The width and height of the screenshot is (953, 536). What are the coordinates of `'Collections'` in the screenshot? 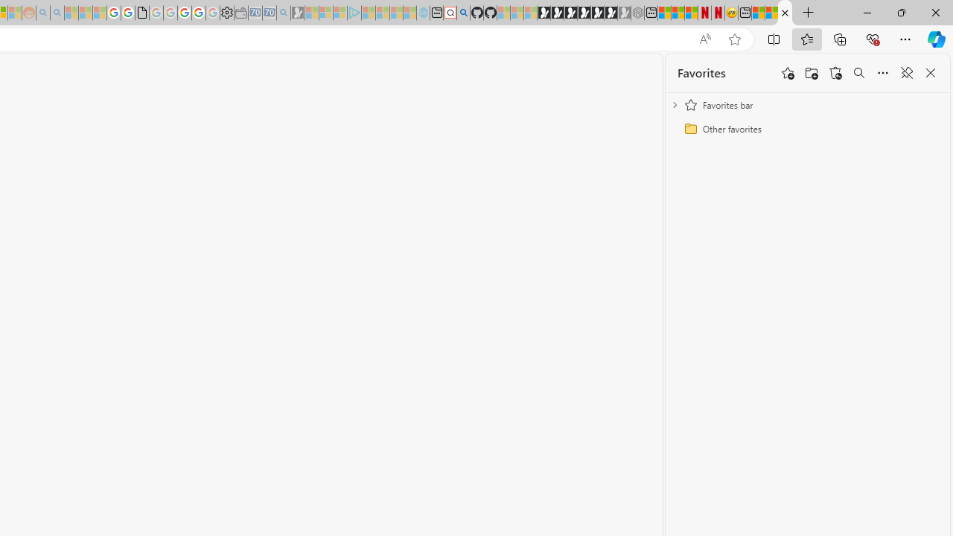 It's located at (840, 38).